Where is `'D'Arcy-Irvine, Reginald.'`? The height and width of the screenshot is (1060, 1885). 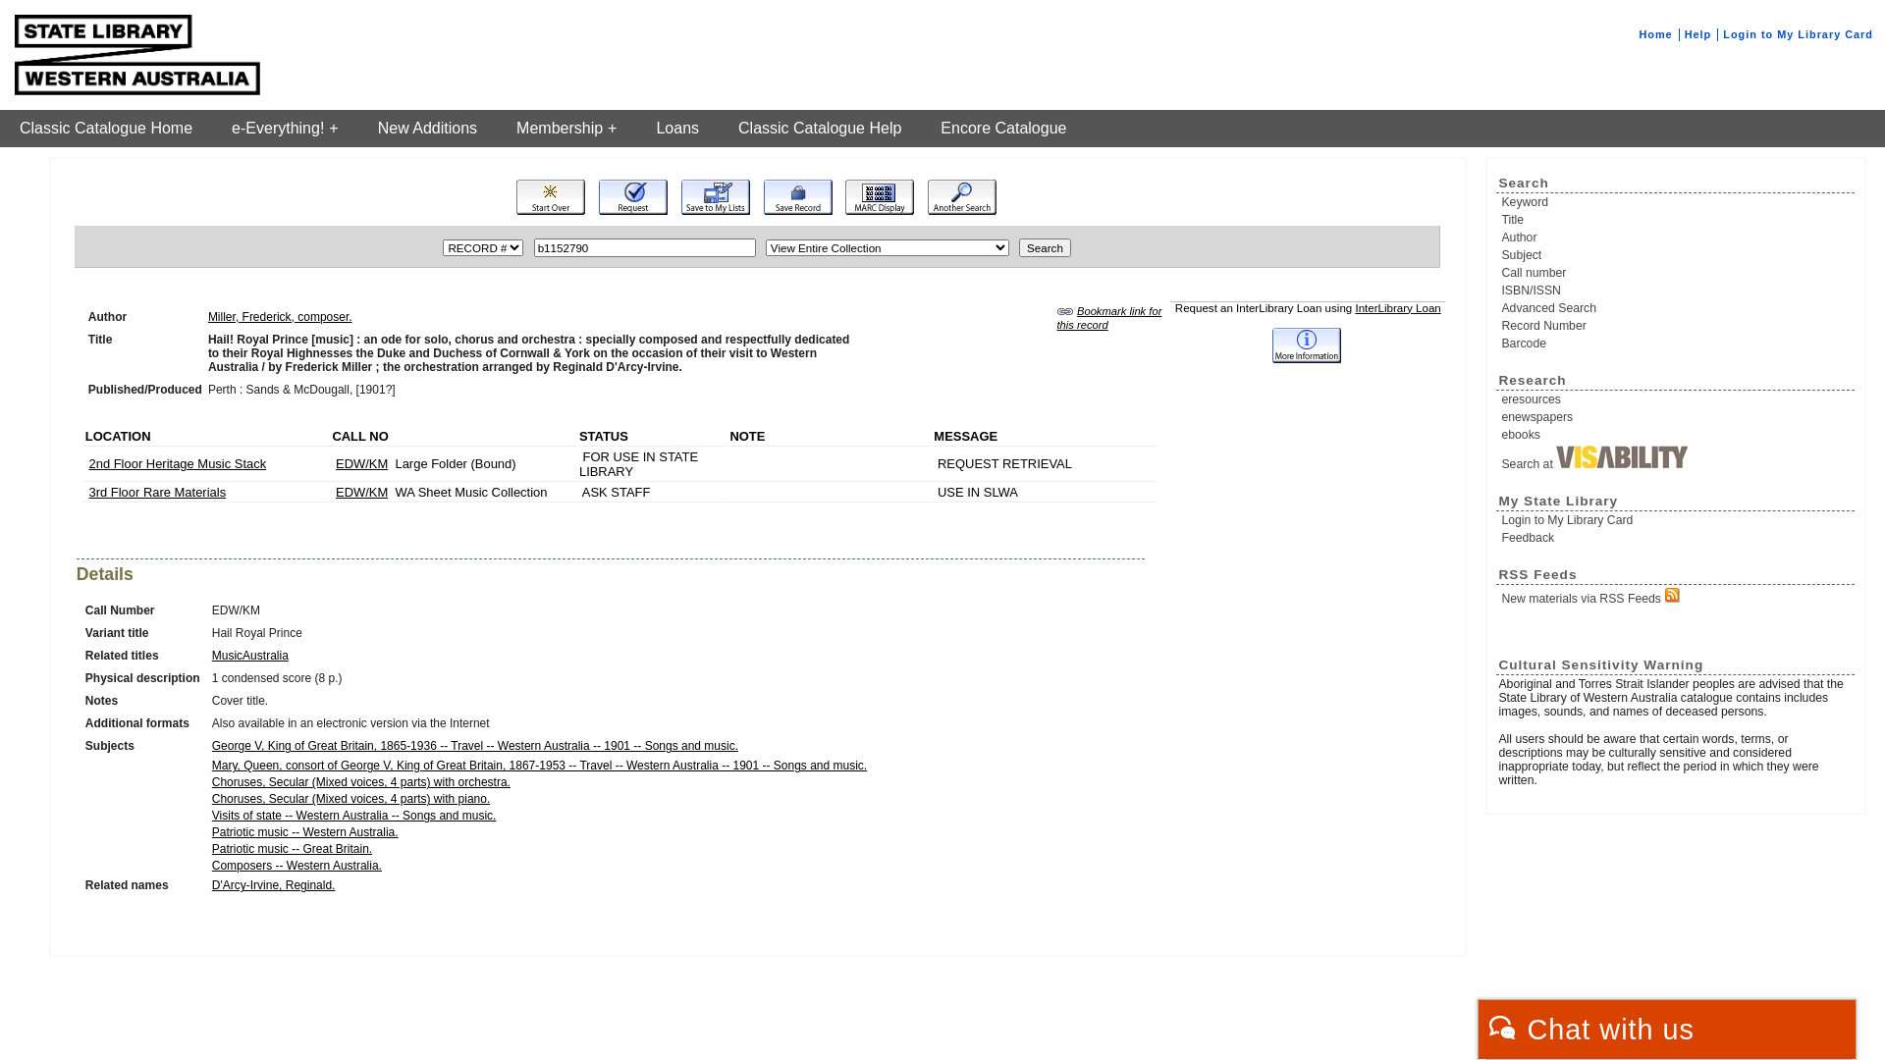
'D'Arcy-Irvine, Reginald.' is located at coordinates (212, 885).